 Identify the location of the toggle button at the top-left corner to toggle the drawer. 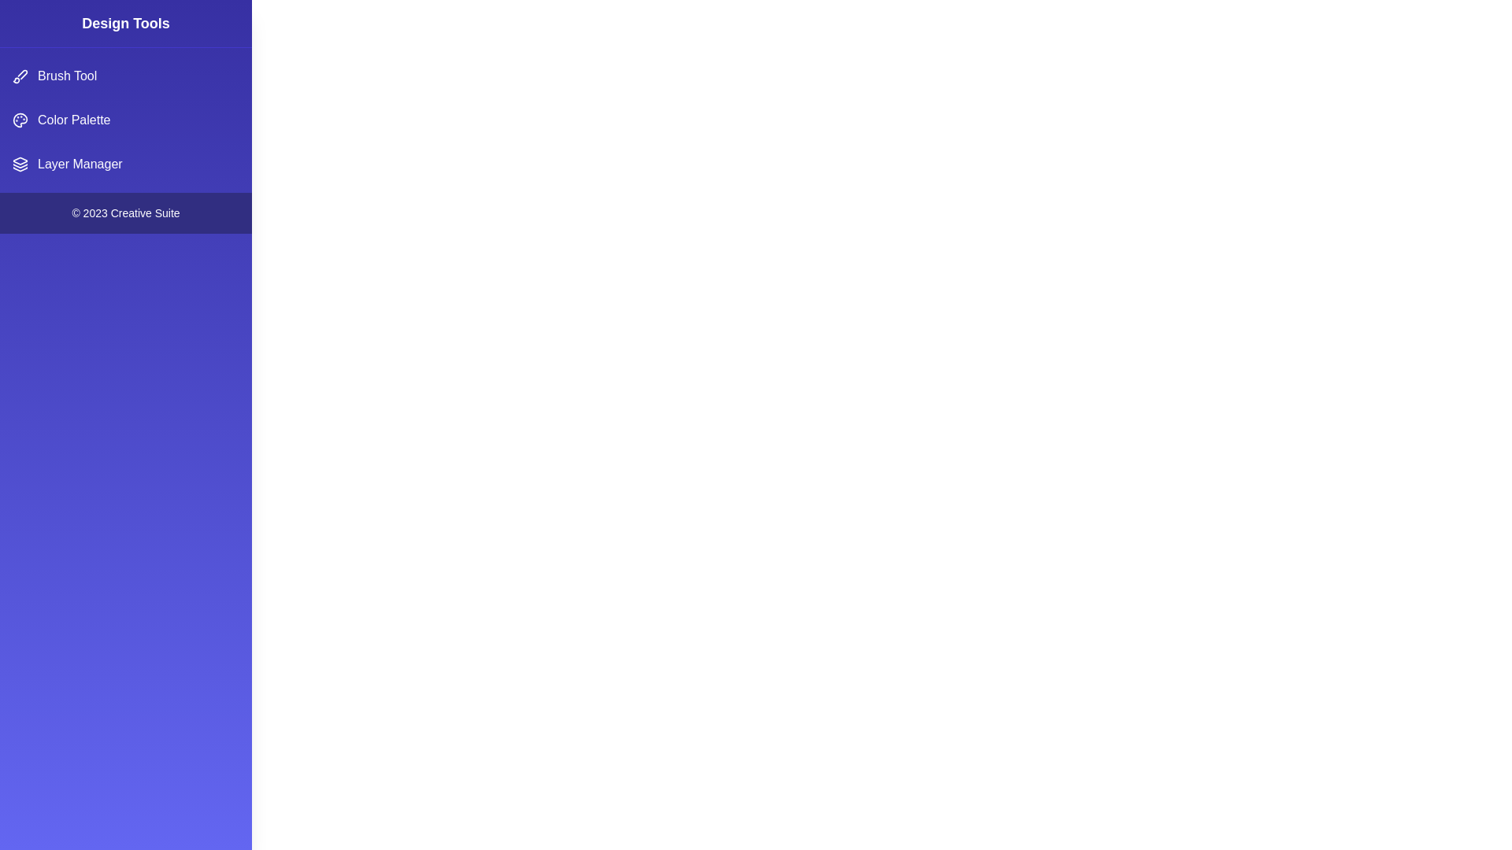
(31, 31).